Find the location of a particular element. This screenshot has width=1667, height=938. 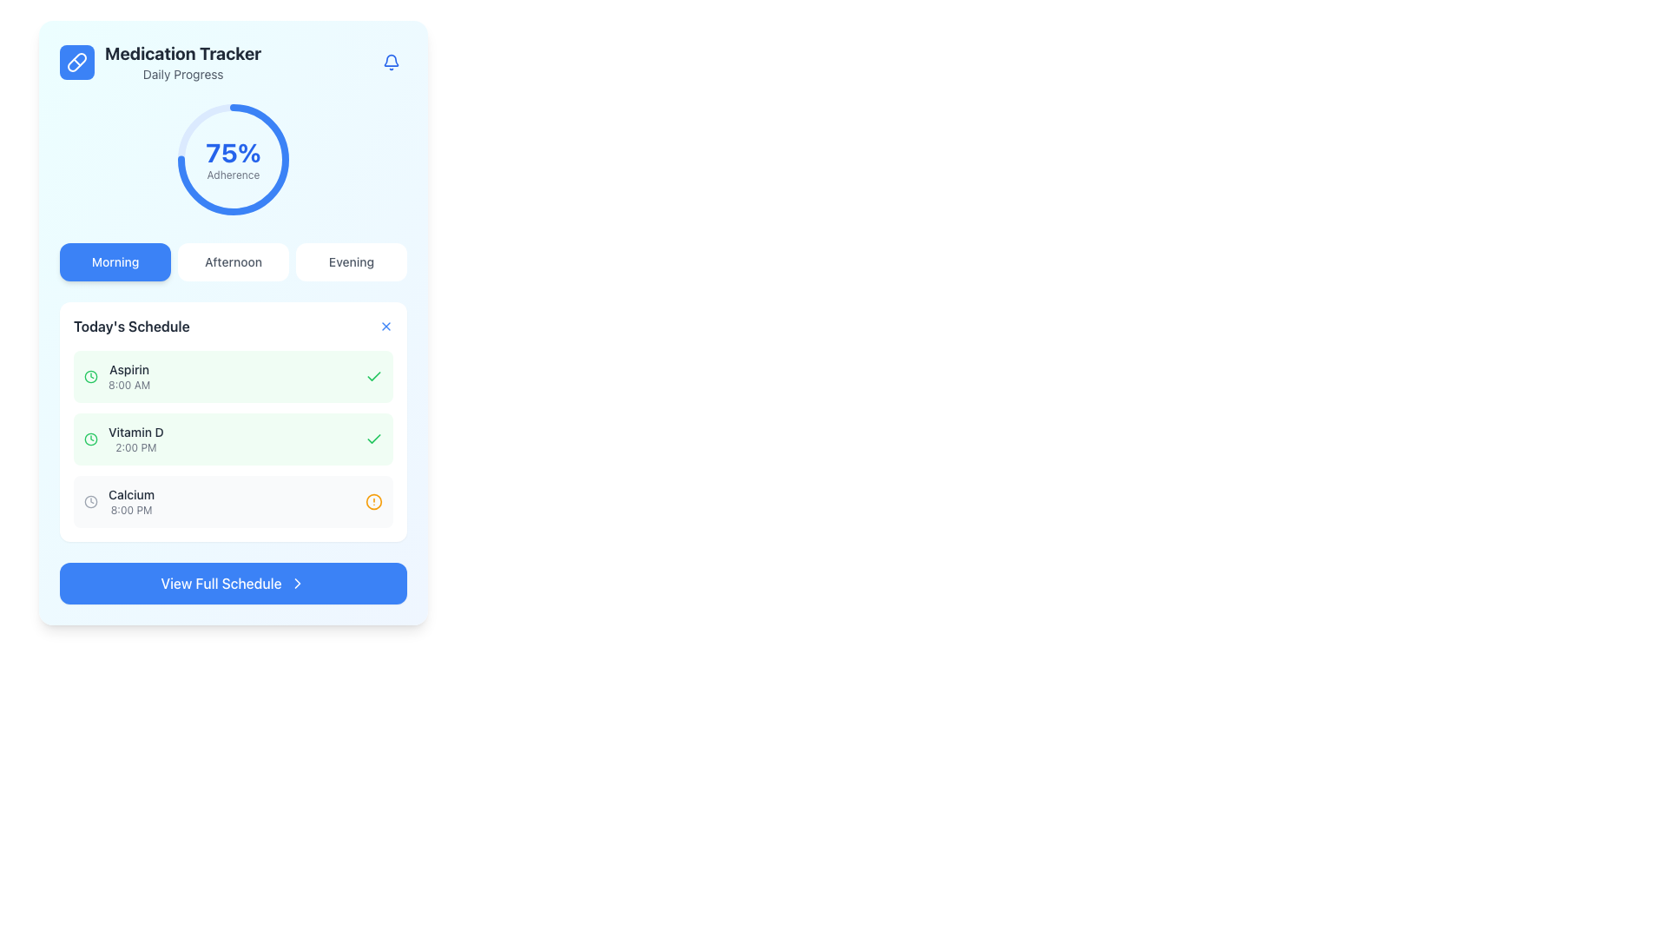

the text label component displaying 'Calcium' at '8:00 PM' in the 'Today's Schedule' section, positioned beneath 'Aspirin' and 'Vitamin D' is located at coordinates (130, 502).